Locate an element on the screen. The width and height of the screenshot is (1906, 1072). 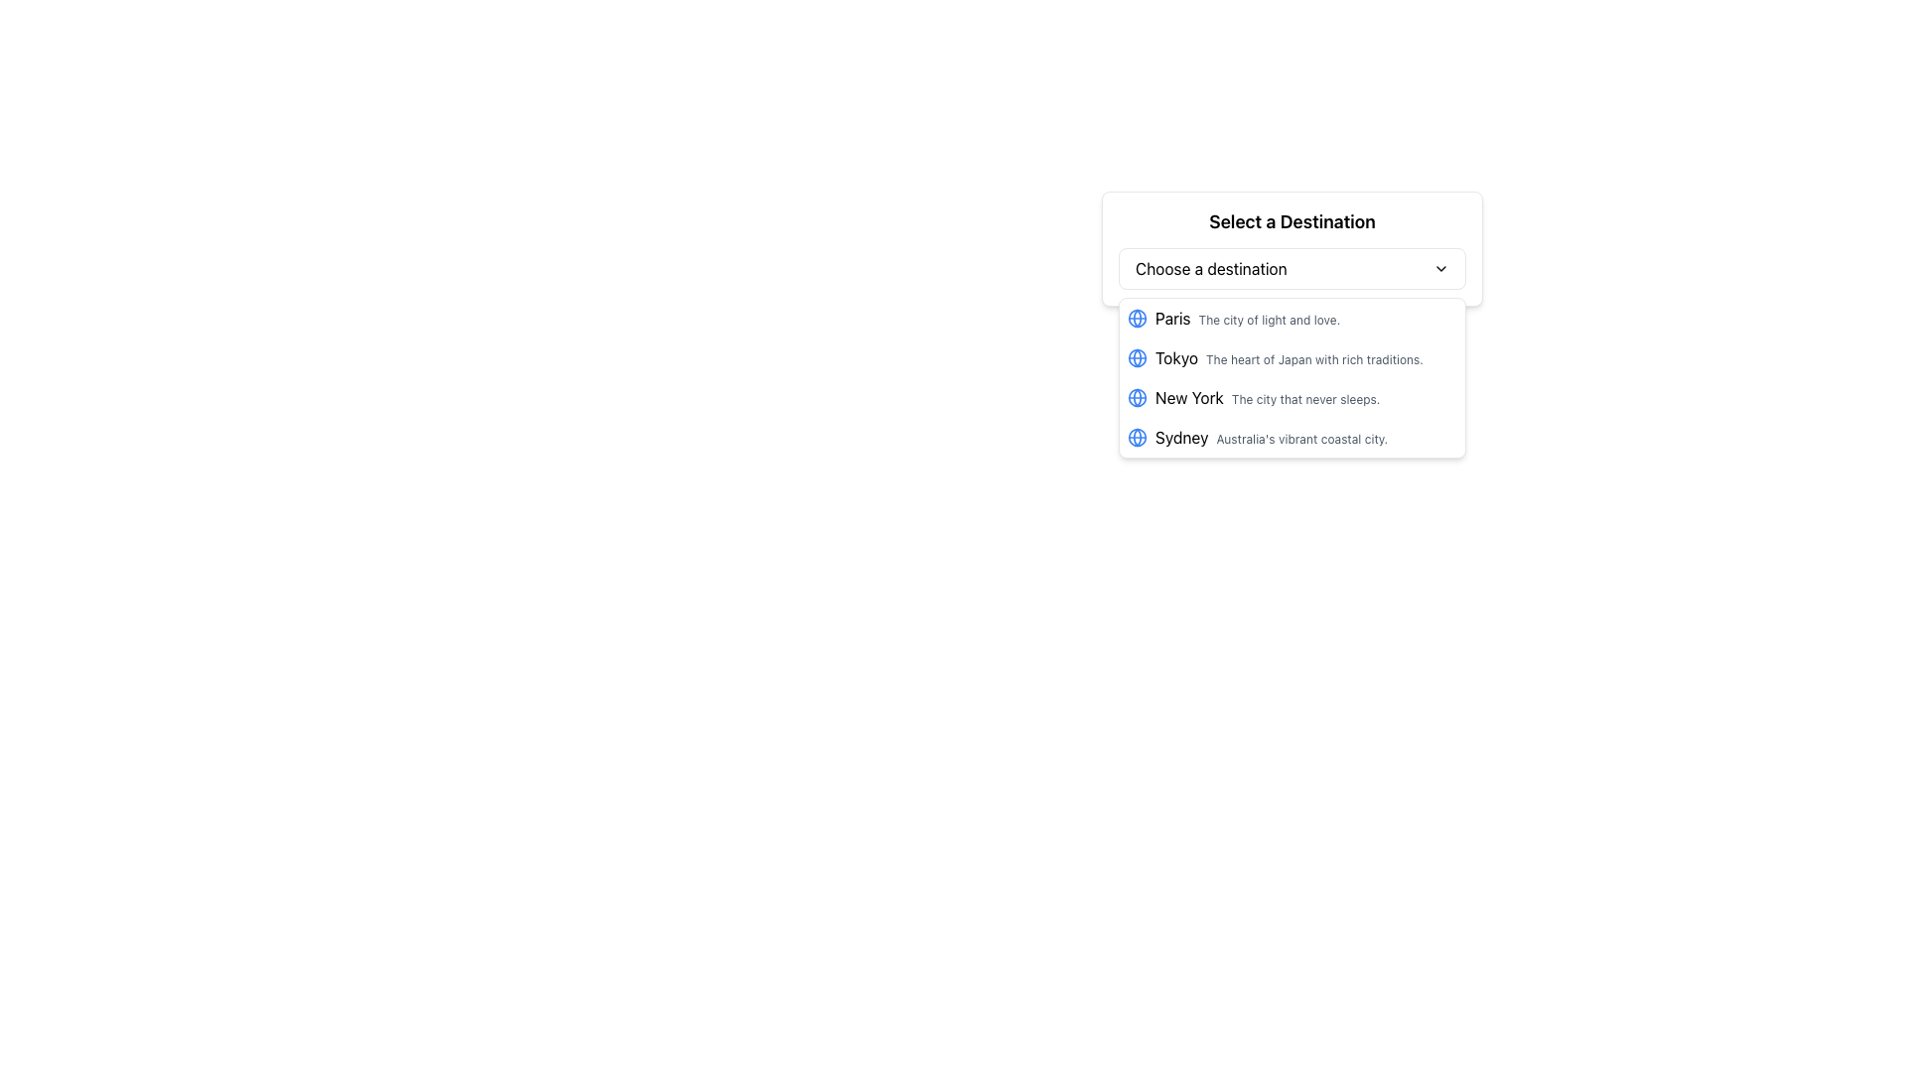
the first selectable list item below the 'Select a Destination' dropdown menu is located at coordinates (1292, 317).